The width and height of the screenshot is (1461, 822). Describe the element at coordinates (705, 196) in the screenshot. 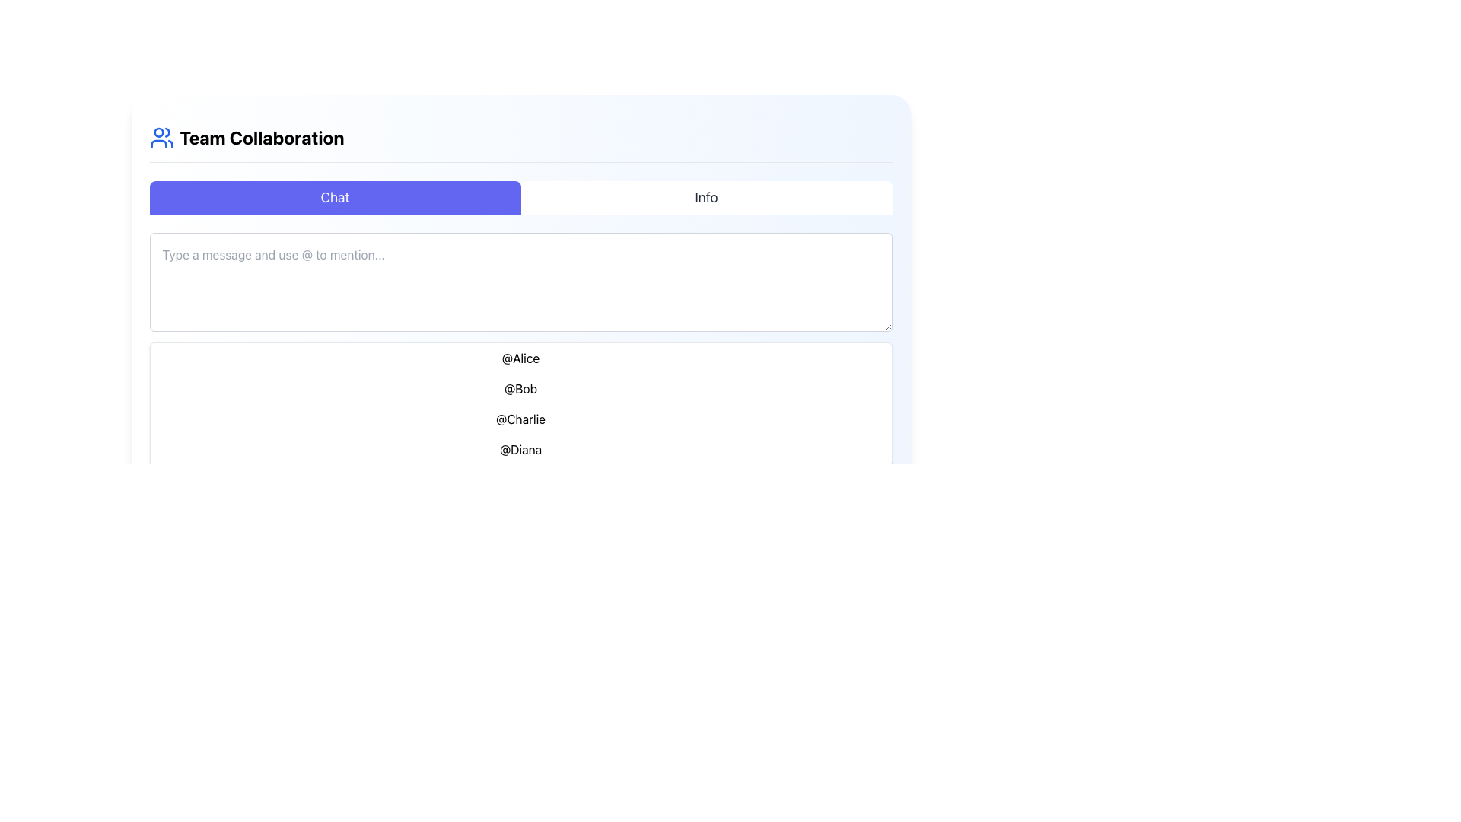

I see `the 'Info' button, which is the second button in a horizontal pair located to the right of the 'Chat' button` at that location.